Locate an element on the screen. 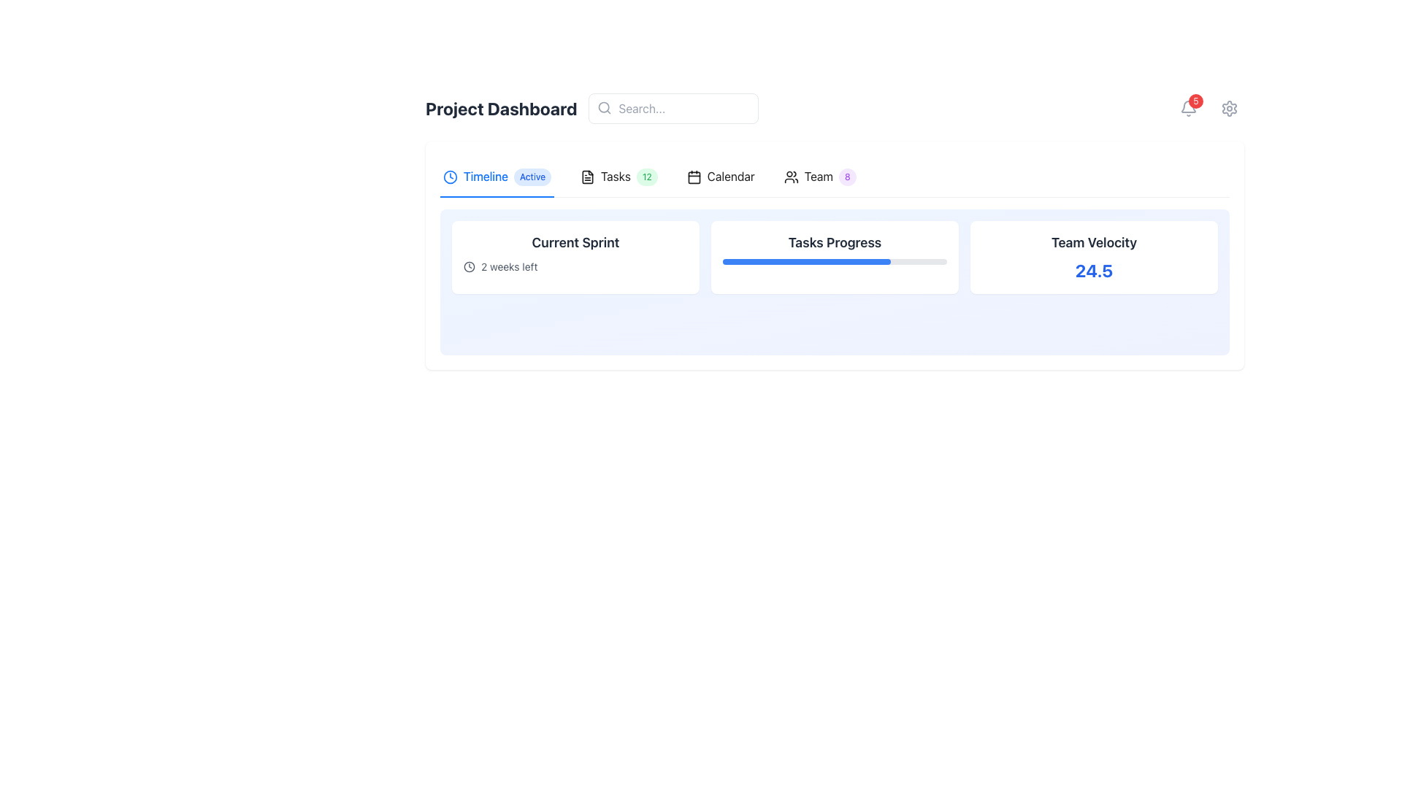  the 'Calendar' text label, which is the fourth item in the horizontal menu bar, located between the 'Tasks' label and the 'Team' label is located at coordinates (731, 176).